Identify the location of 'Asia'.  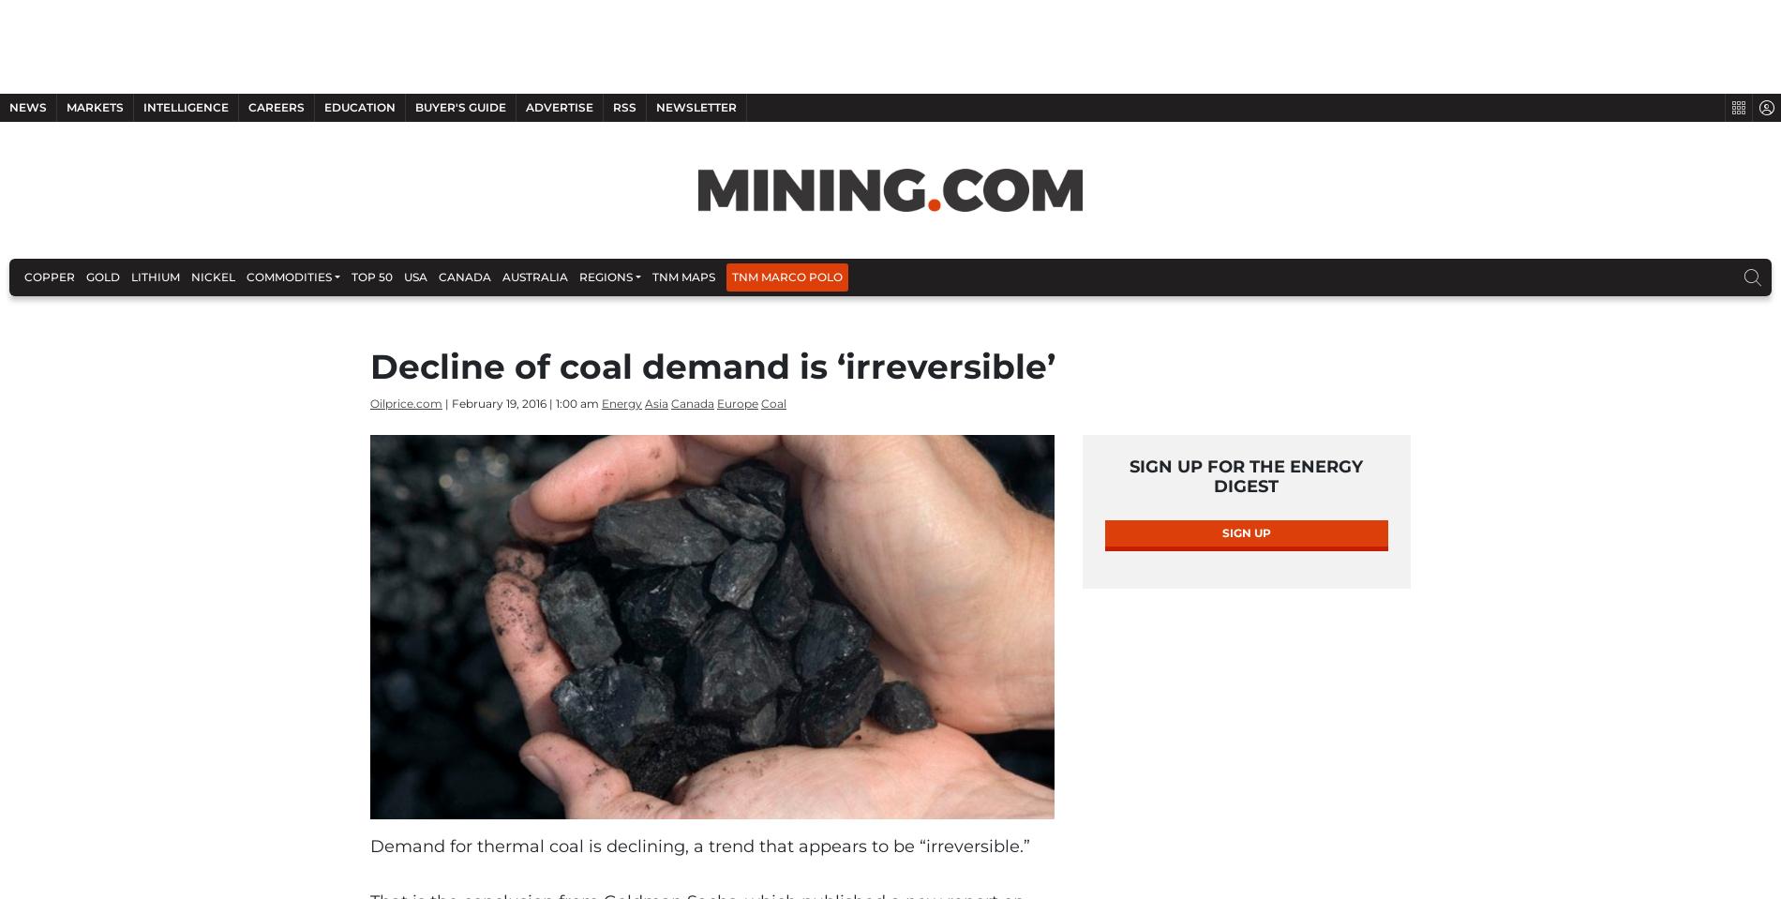
(644, 487).